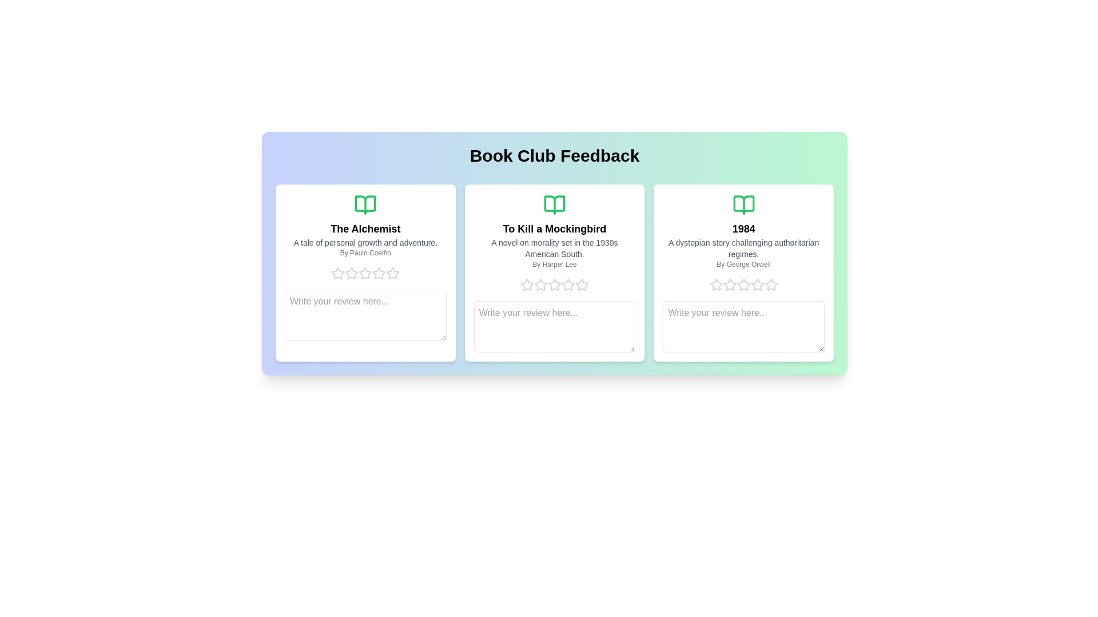 This screenshot has height=617, width=1098. What do you see at coordinates (379, 273) in the screenshot?
I see `the fourth star icon button for rating located below the title 'The Alchemist'` at bounding box center [379, 273].